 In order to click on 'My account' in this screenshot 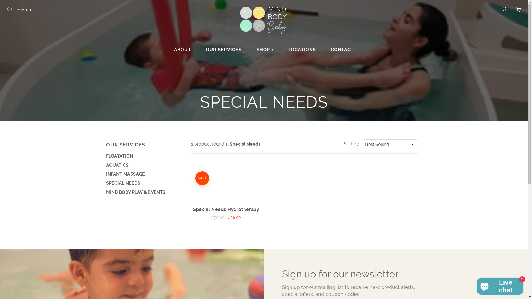, I will do `click(504, 9)`.